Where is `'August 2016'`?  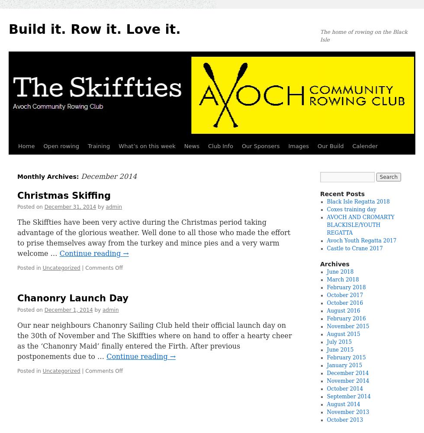
'August 2016' is located at coordinates (343, 310).